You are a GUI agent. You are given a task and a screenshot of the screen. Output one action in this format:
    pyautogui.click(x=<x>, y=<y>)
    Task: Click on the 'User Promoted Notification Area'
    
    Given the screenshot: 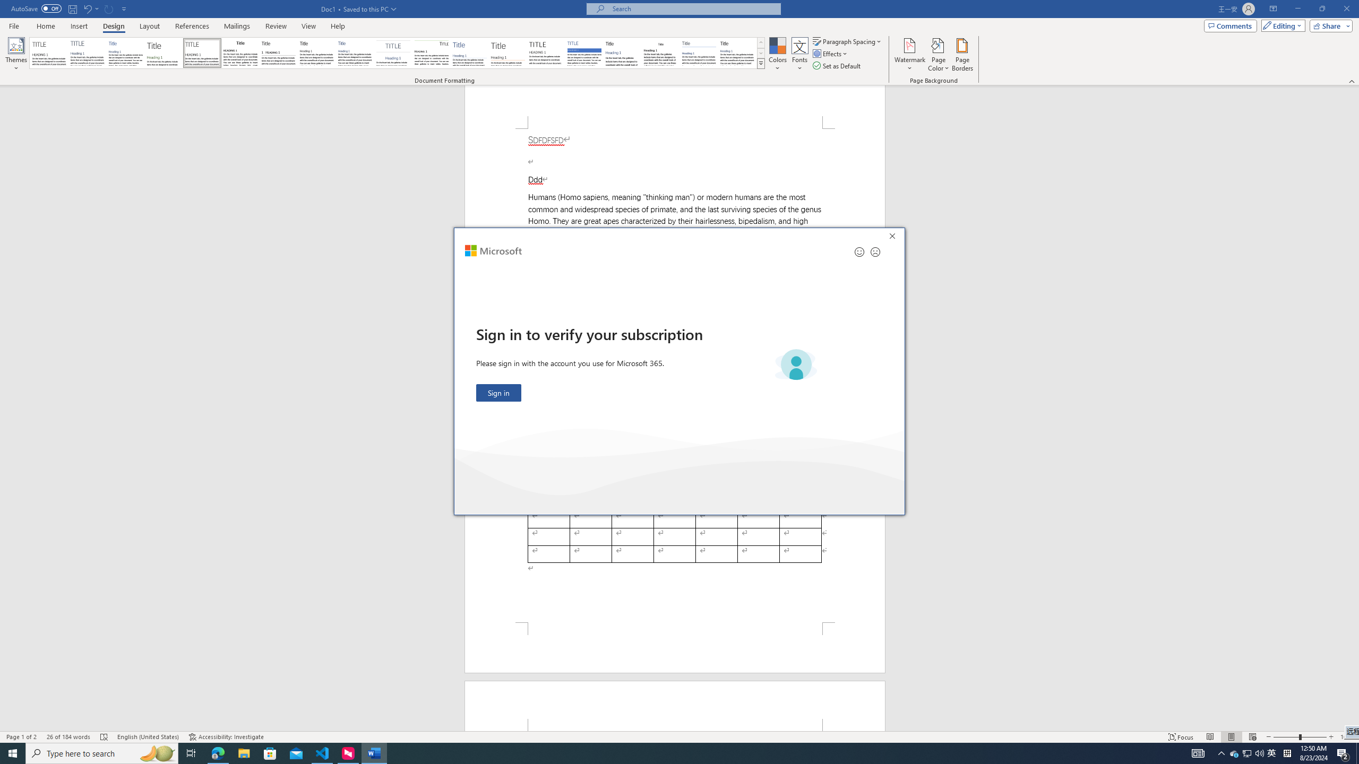 What is the action you would take?
    pyautogui.click(x=1247, y=752)
    